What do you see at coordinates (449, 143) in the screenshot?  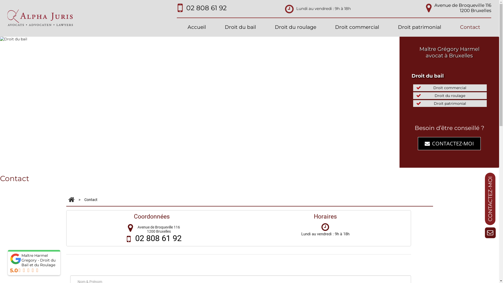 I see `'CONTACTEZ-MOI'` at bounding box center [449, 143].